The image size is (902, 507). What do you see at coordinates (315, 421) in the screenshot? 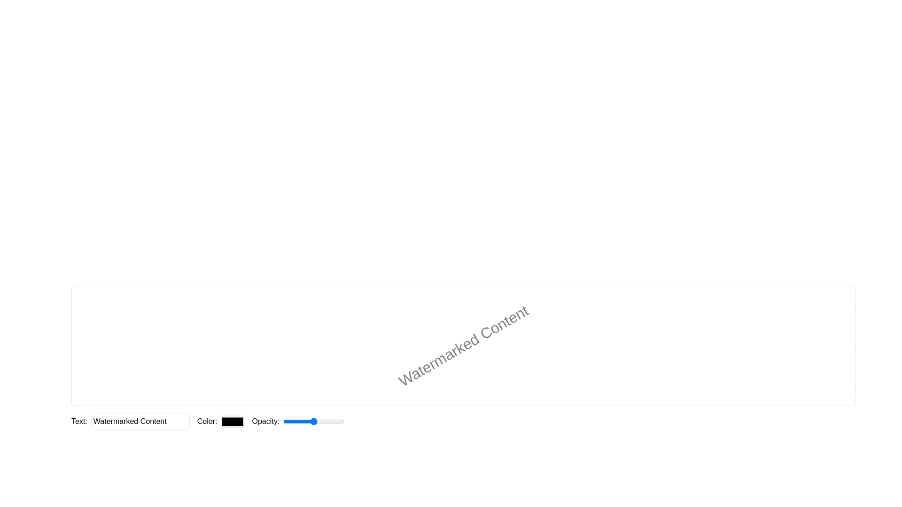
I see `the opacity value` at bounding box center [315, 421].